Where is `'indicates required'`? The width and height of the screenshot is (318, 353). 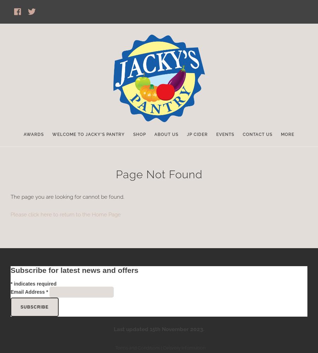
'indicates required' is located at coordinates (34, 283).